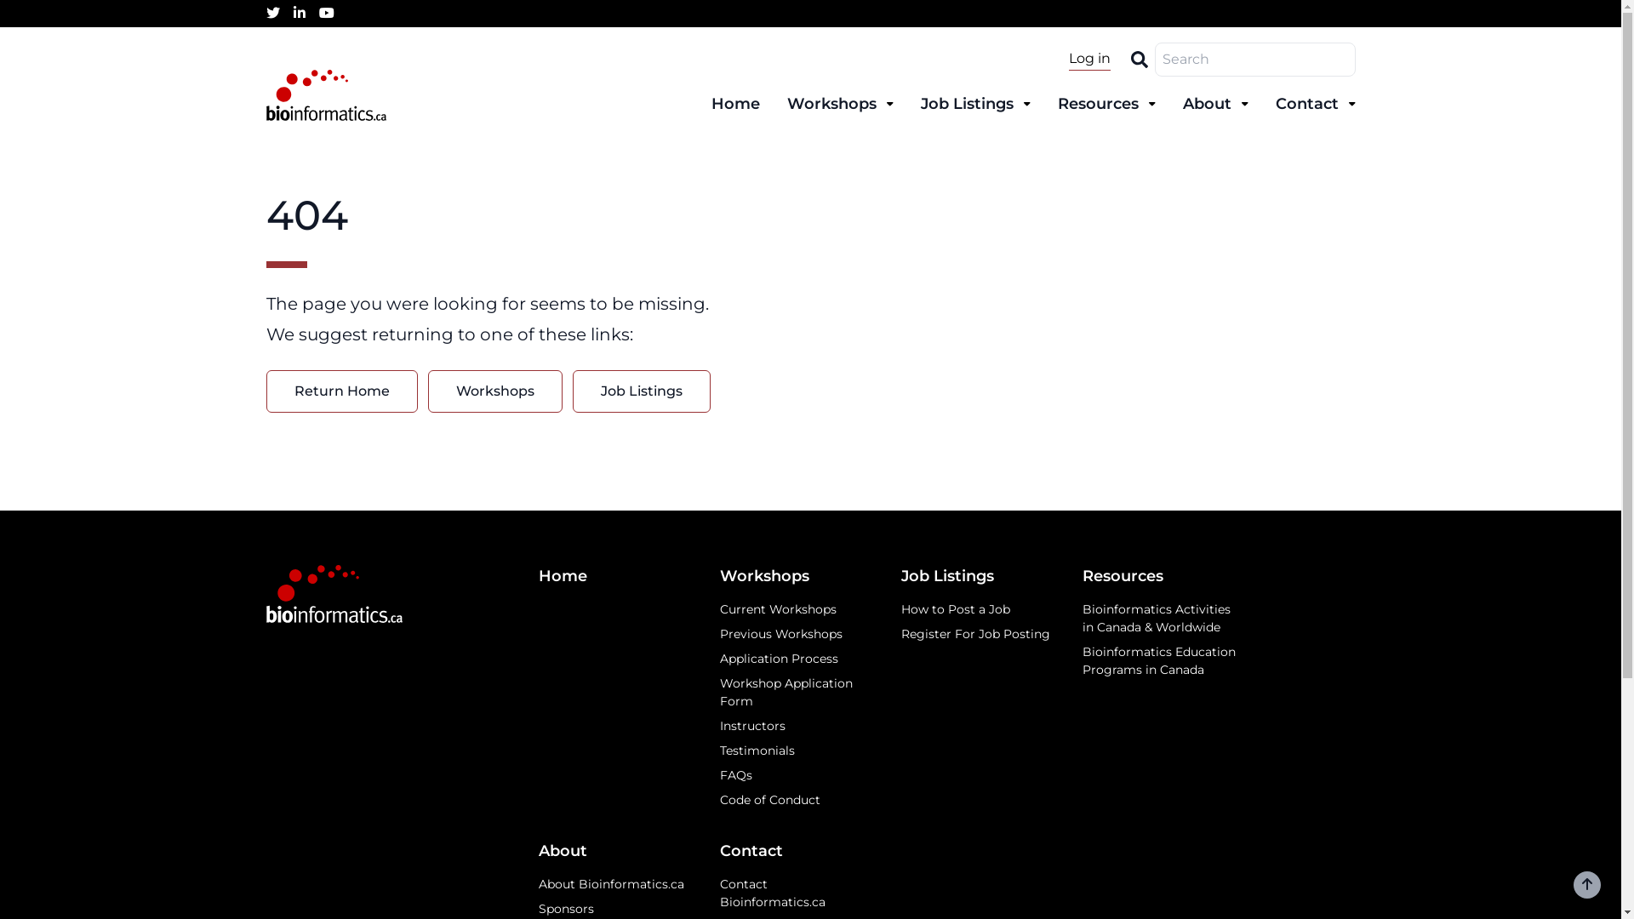 The image size is (1634, 919). Describe the element at coordinates (797, 892) in the screenshot. I see `'Contact Bioinformatics.ca'` at that location.